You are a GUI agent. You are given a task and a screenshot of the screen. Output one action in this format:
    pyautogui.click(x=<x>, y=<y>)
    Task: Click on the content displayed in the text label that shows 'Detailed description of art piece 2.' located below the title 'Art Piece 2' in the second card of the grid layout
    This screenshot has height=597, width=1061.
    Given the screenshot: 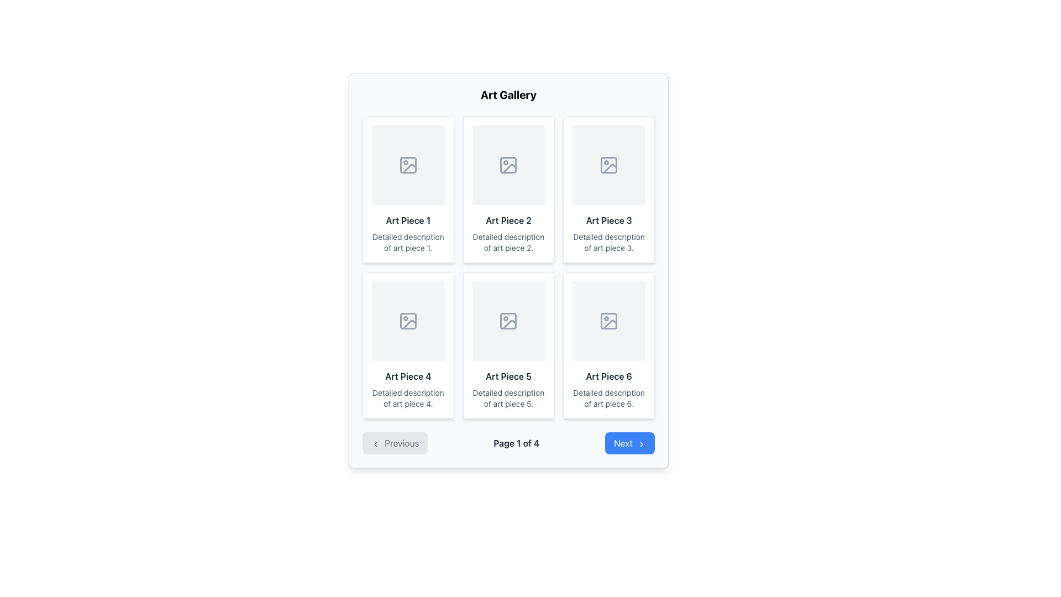 What is the action you would take?
    pyautogui.click(x=508, y=242)
    